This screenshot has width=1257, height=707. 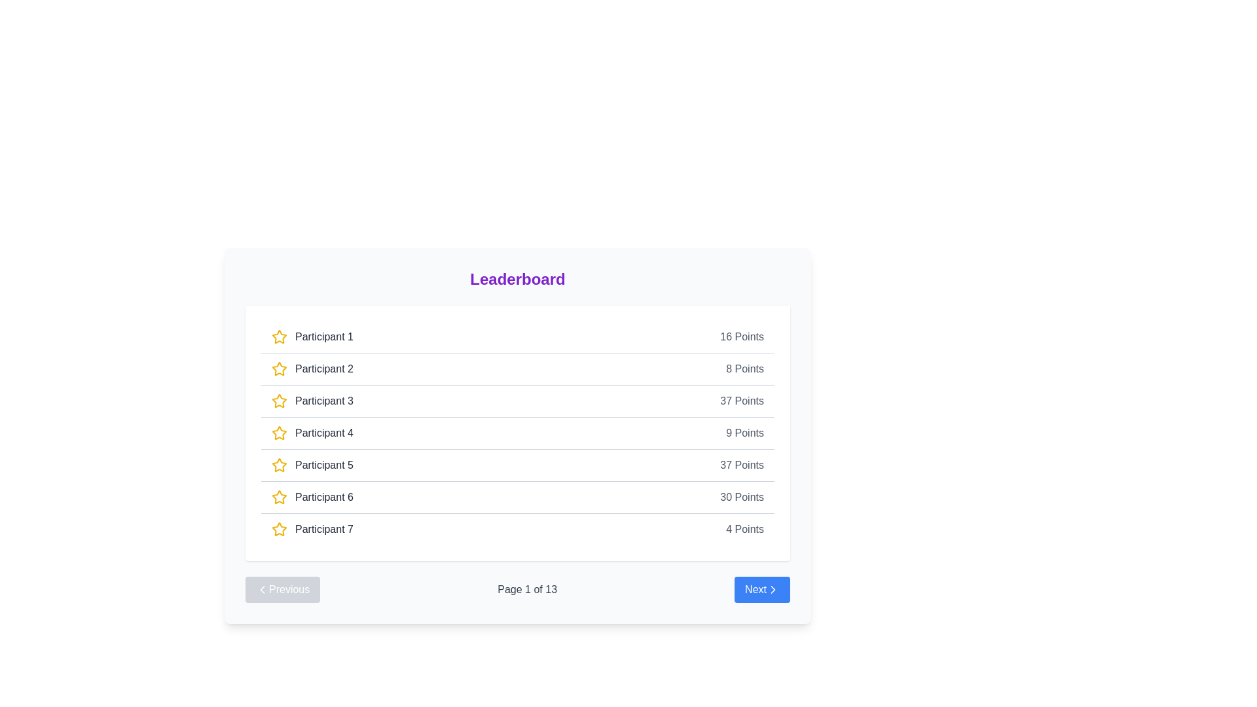 What do you see at coordinates (279, 497) in the screenshot?
I see `the star icon that indicates status or achievement for Participant 6, located in the sixth row of the leaderboard table` at bounding box center [279, 497].